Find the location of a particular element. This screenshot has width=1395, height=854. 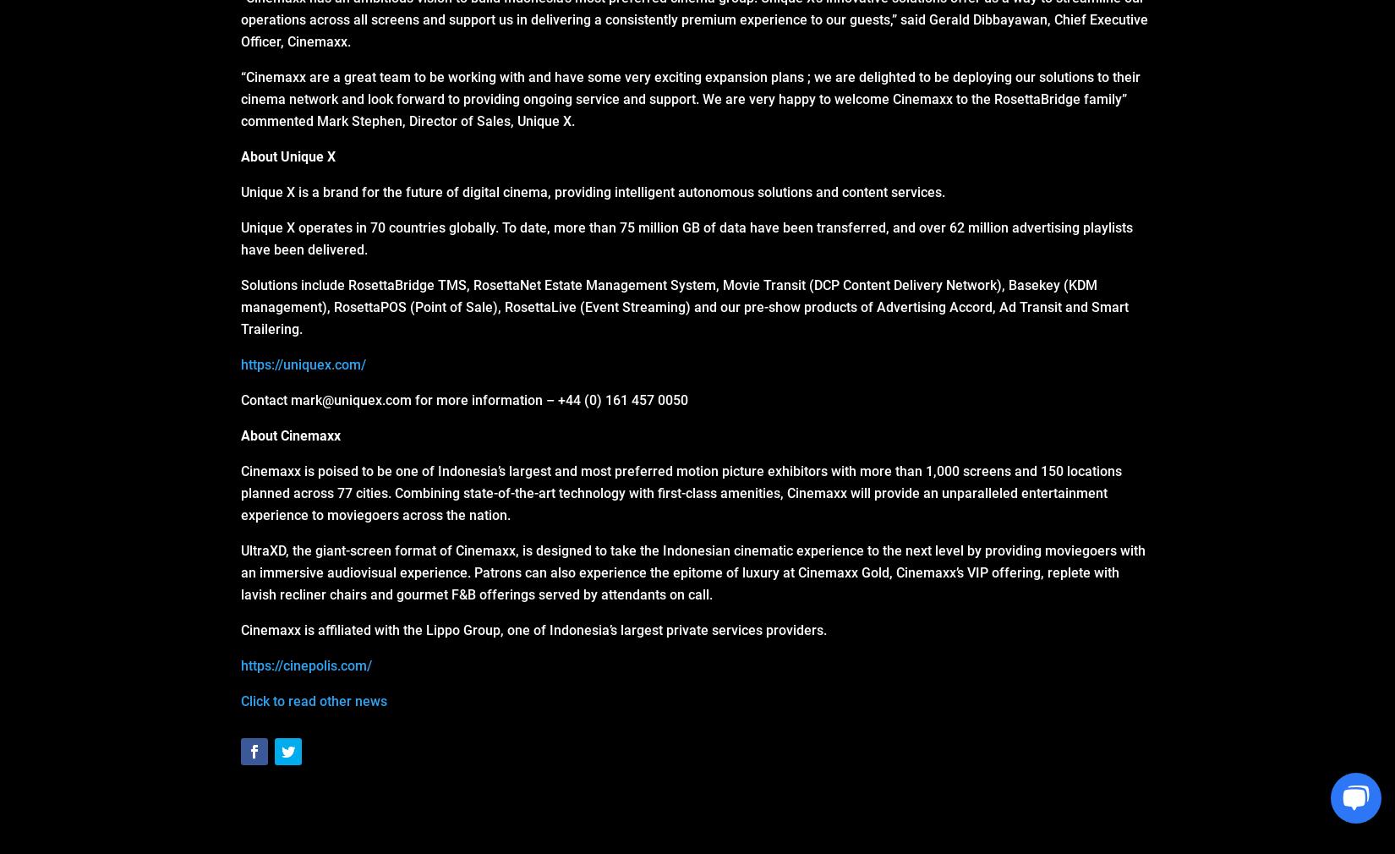

'About Unique X' is located at coordinates (288, 156).